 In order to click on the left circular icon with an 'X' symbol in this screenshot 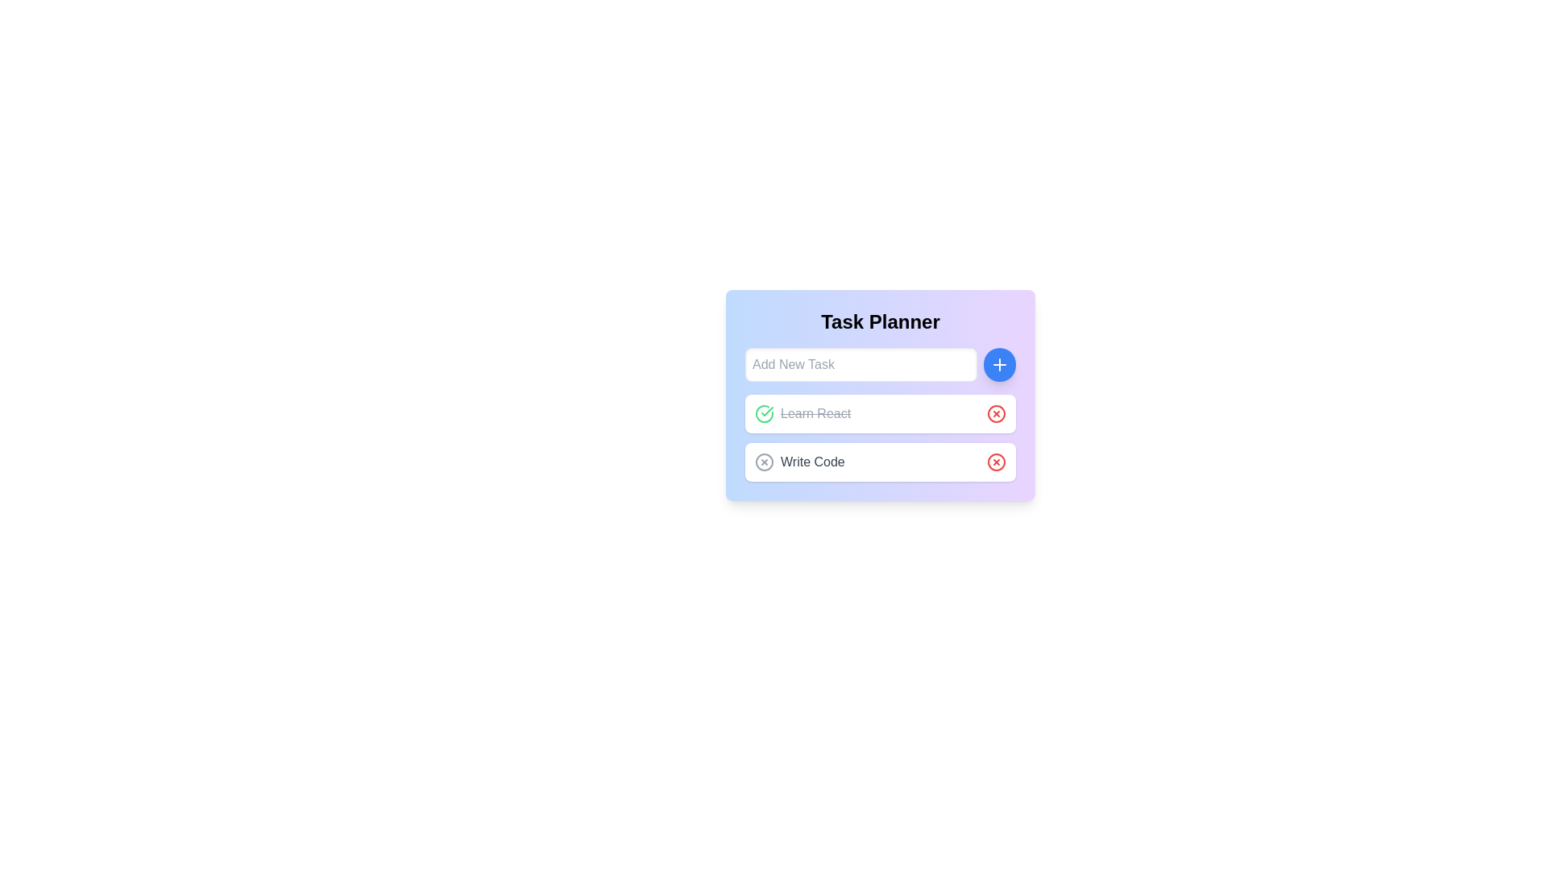, I will do `click(799, 462)`.